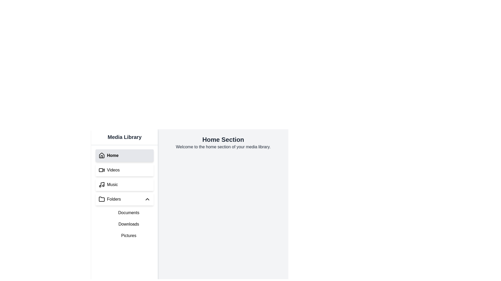  What do you see at coordinates (112, 155) in the screenshot?
I see `the 'Home' label within the button element, which is styled in bold and aligned to the right of a house icon in the left navigation panel under the 'Media Library' section` at bounding box center [112, 155].